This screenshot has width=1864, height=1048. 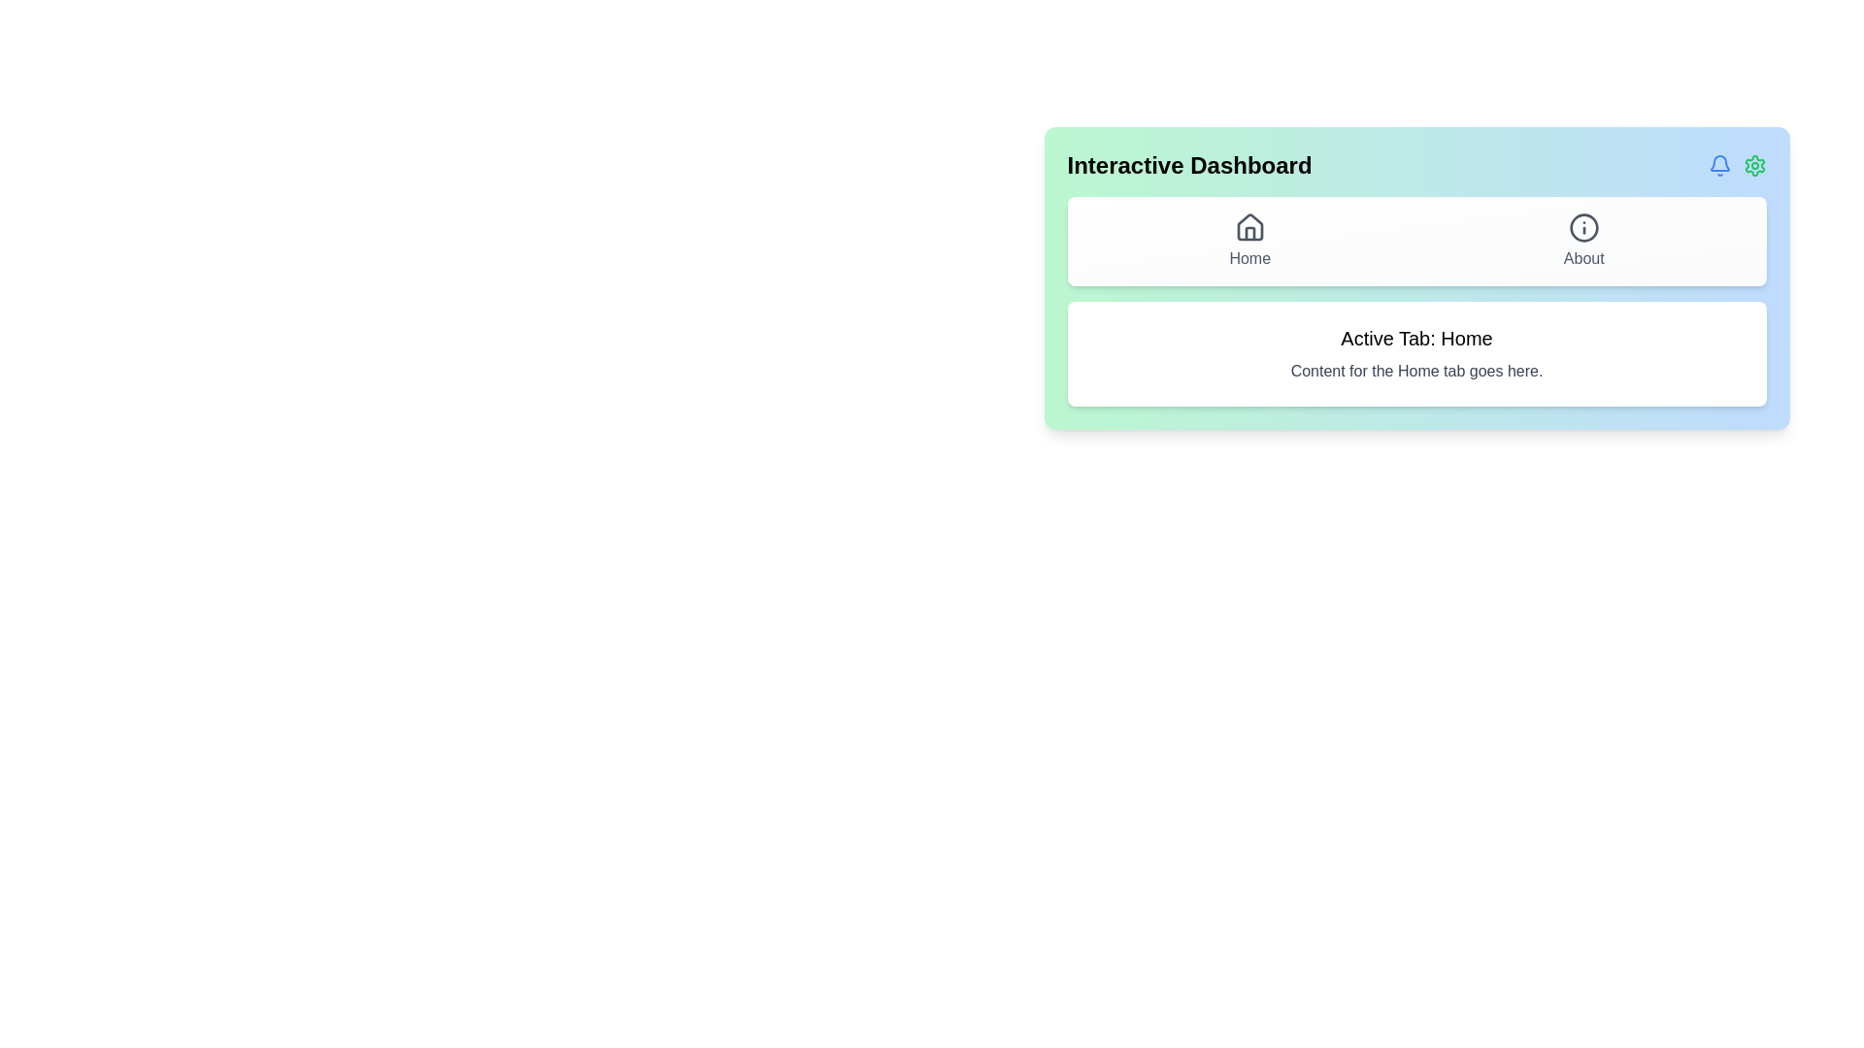 I want to click on the 'Interactive Dashboard' text label, which is displayed in a bold, large sans-serif font at the top-left corner of the header interface, so click(x=1188, y=164).